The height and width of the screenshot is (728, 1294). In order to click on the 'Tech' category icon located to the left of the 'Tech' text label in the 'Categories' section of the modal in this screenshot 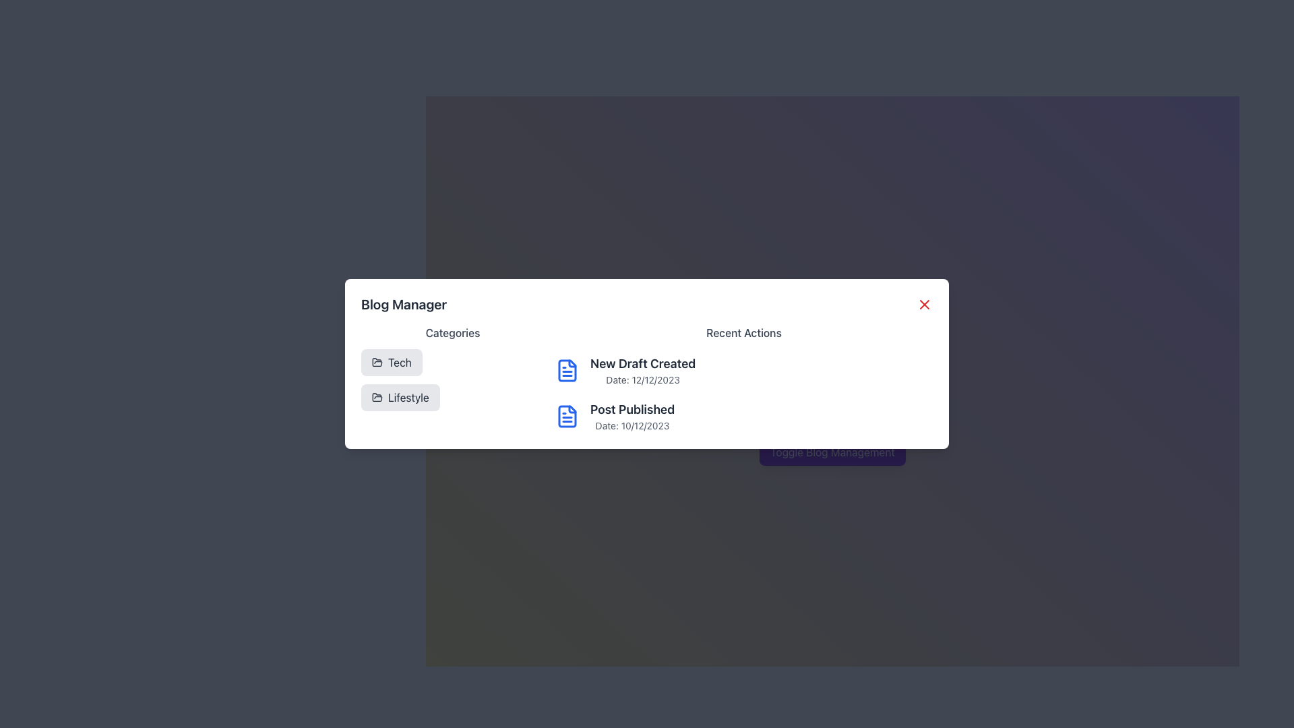, I will do `click(377, 361)`.